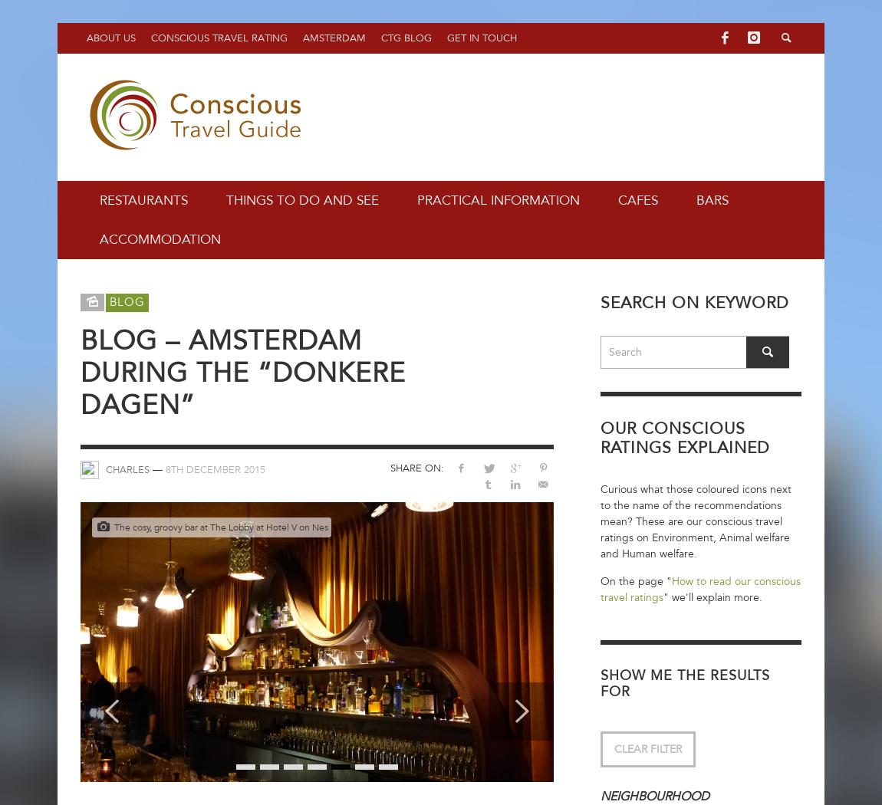 The image size is (882, 805). Describe the element at coordinates (354, 69) in the screenshot. I see `'Weekend Calendar'` at that location.